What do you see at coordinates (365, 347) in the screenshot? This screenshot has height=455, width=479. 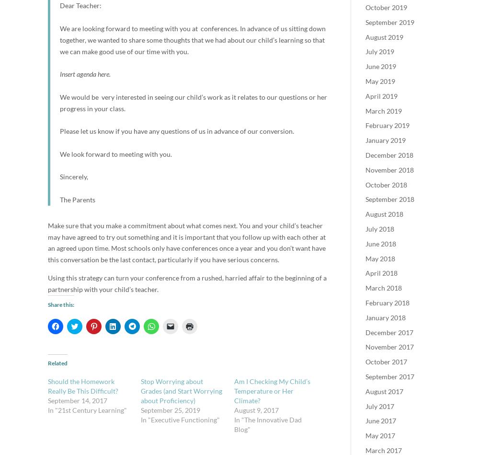 I see `'November 2017'` at bounding box center [365, 347].